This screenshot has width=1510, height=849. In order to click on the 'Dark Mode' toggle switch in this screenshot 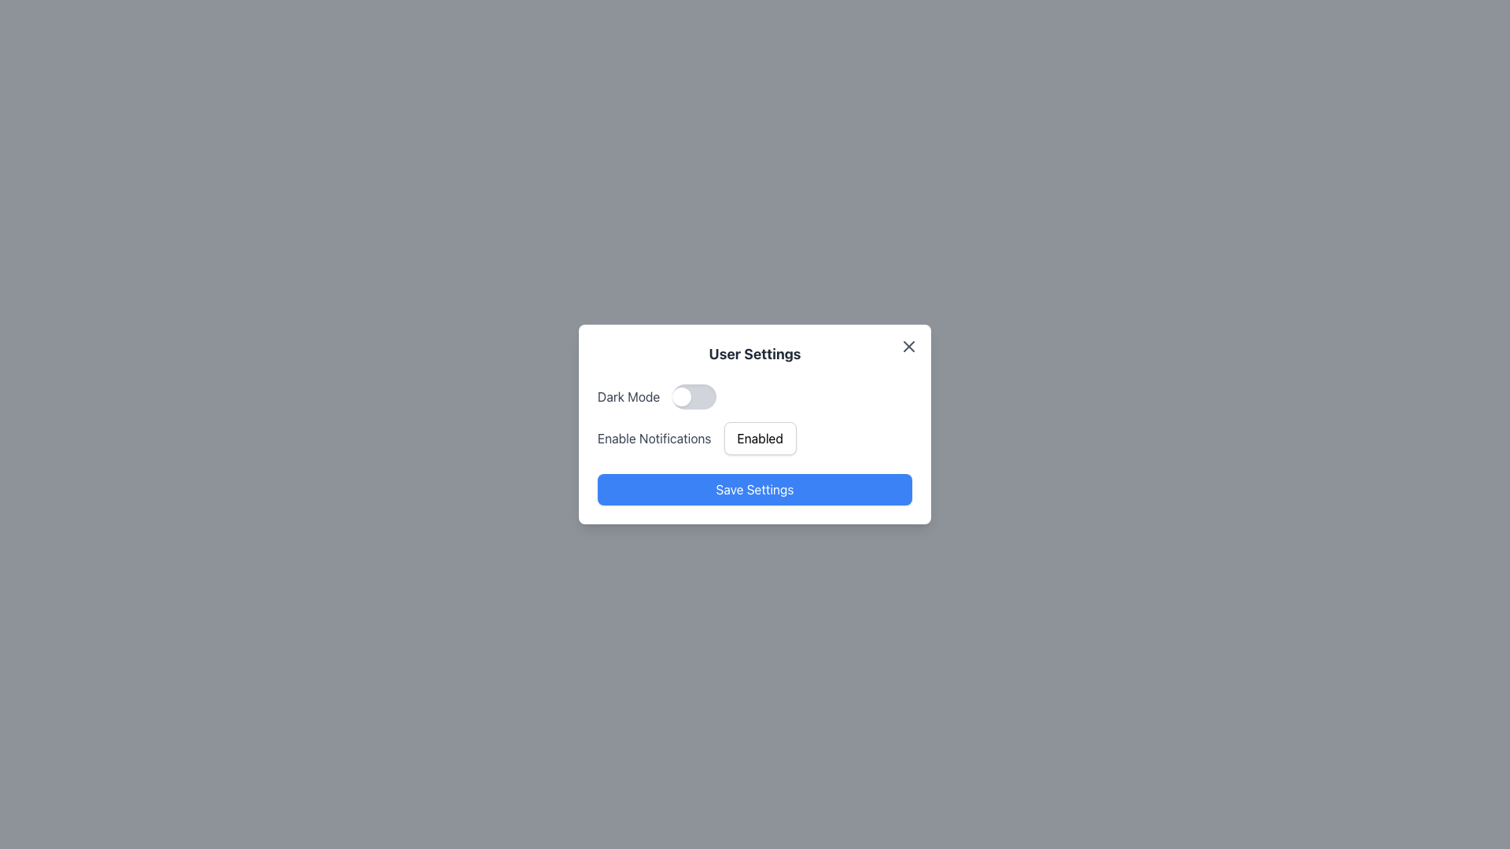, I will do `click(694, 396)`.